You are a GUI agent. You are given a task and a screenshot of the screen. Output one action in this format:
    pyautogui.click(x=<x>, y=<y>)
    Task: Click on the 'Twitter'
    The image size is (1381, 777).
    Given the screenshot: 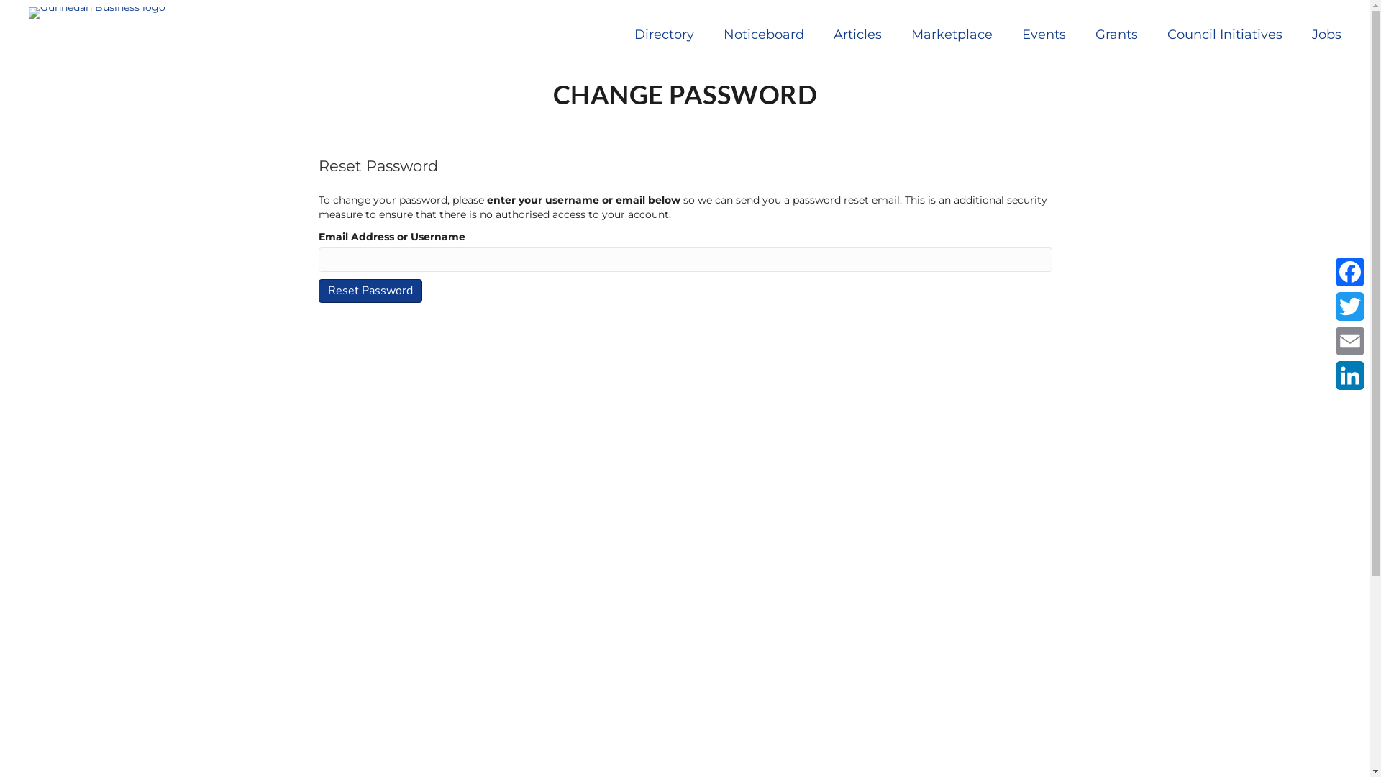 What is the action you would take?
    pyautogui.click(x=1349, y=305)
    